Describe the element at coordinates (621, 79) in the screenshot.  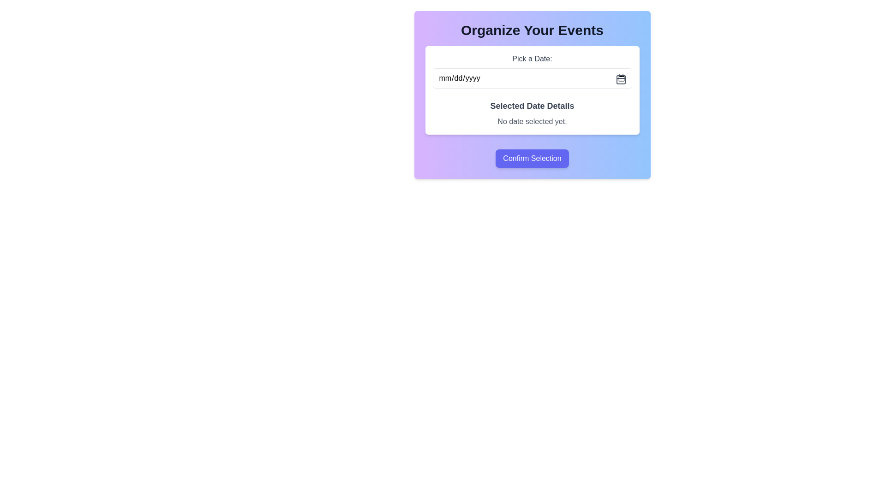
I see `the calendar icon located in the top-right corner of the date input field` at that location.